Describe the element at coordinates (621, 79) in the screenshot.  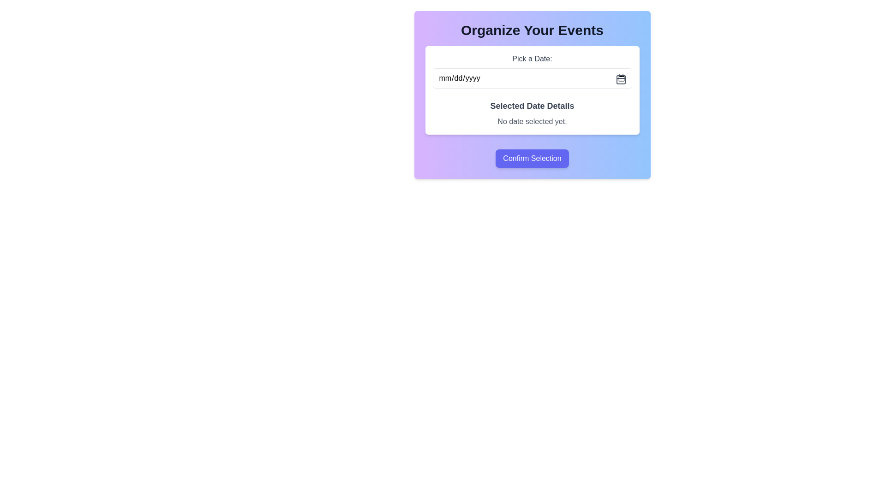
I see `the calendar icon located in the top-right corner of the date input field` at that location.